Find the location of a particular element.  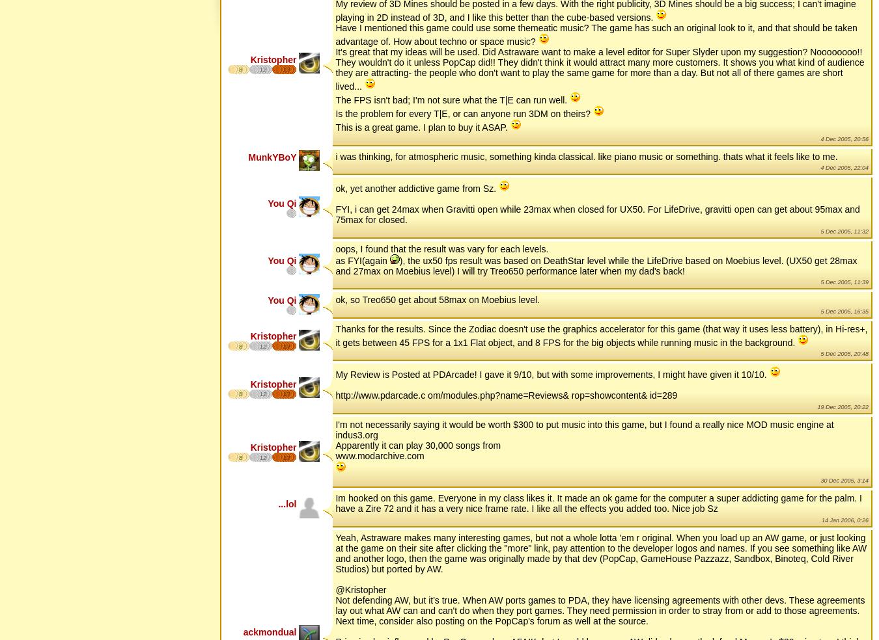

'i was thinking, for atmospheric music, something kinda classical. like piano music or something. thats what it feels like to me.' is located at coordinates (586, 155).